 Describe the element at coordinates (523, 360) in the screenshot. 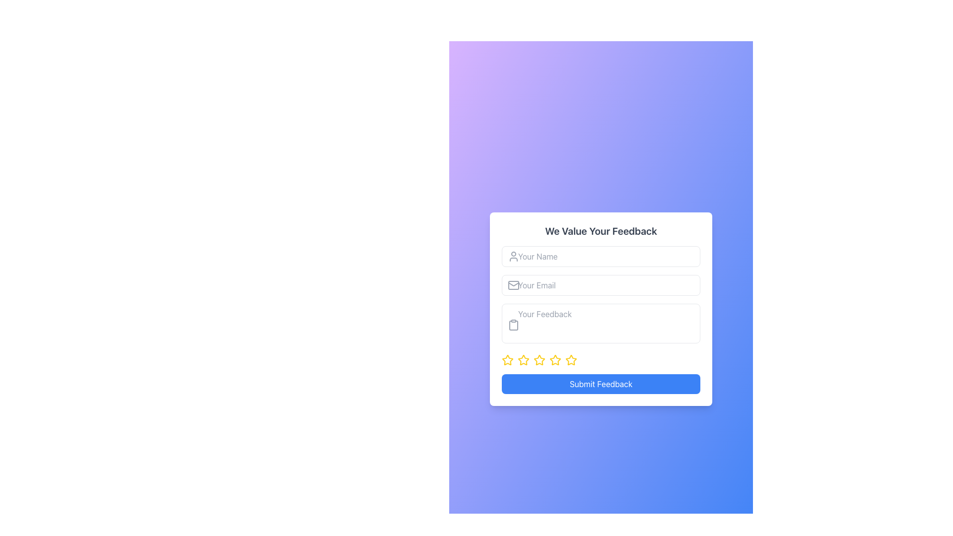

I see `the first outlined star icon with a yellow border and white interior, located beneath the 'Your Feedback' text field and above the 'Submit Feedback' button` at that location.